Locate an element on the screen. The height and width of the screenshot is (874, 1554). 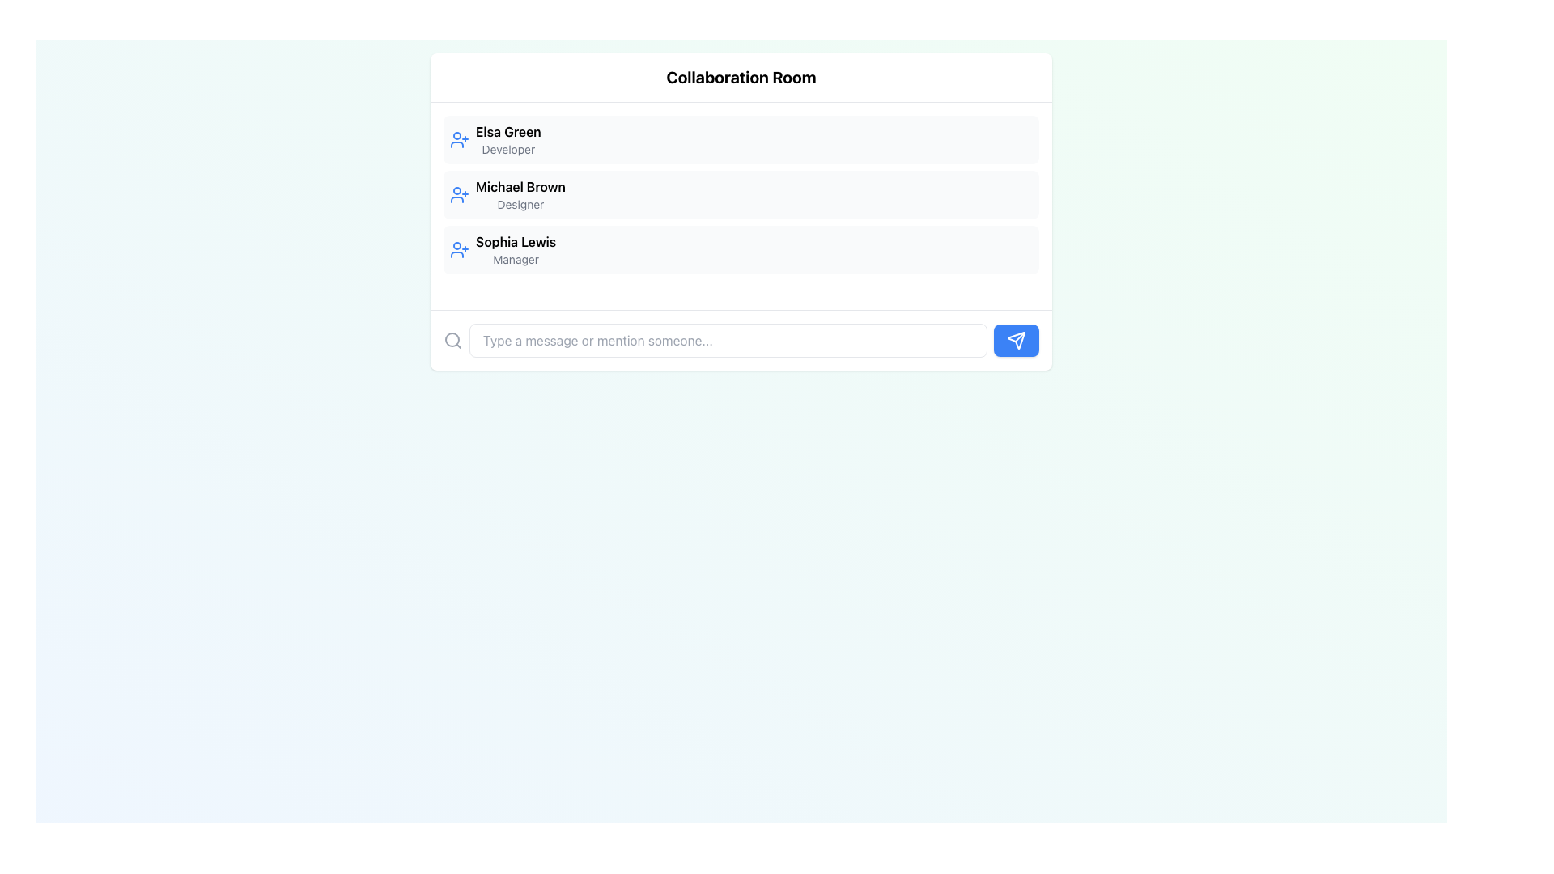
the small gray text label displaying 'Designer' located below 'Michael Brown' in the list is located at coordinates (520, 204).